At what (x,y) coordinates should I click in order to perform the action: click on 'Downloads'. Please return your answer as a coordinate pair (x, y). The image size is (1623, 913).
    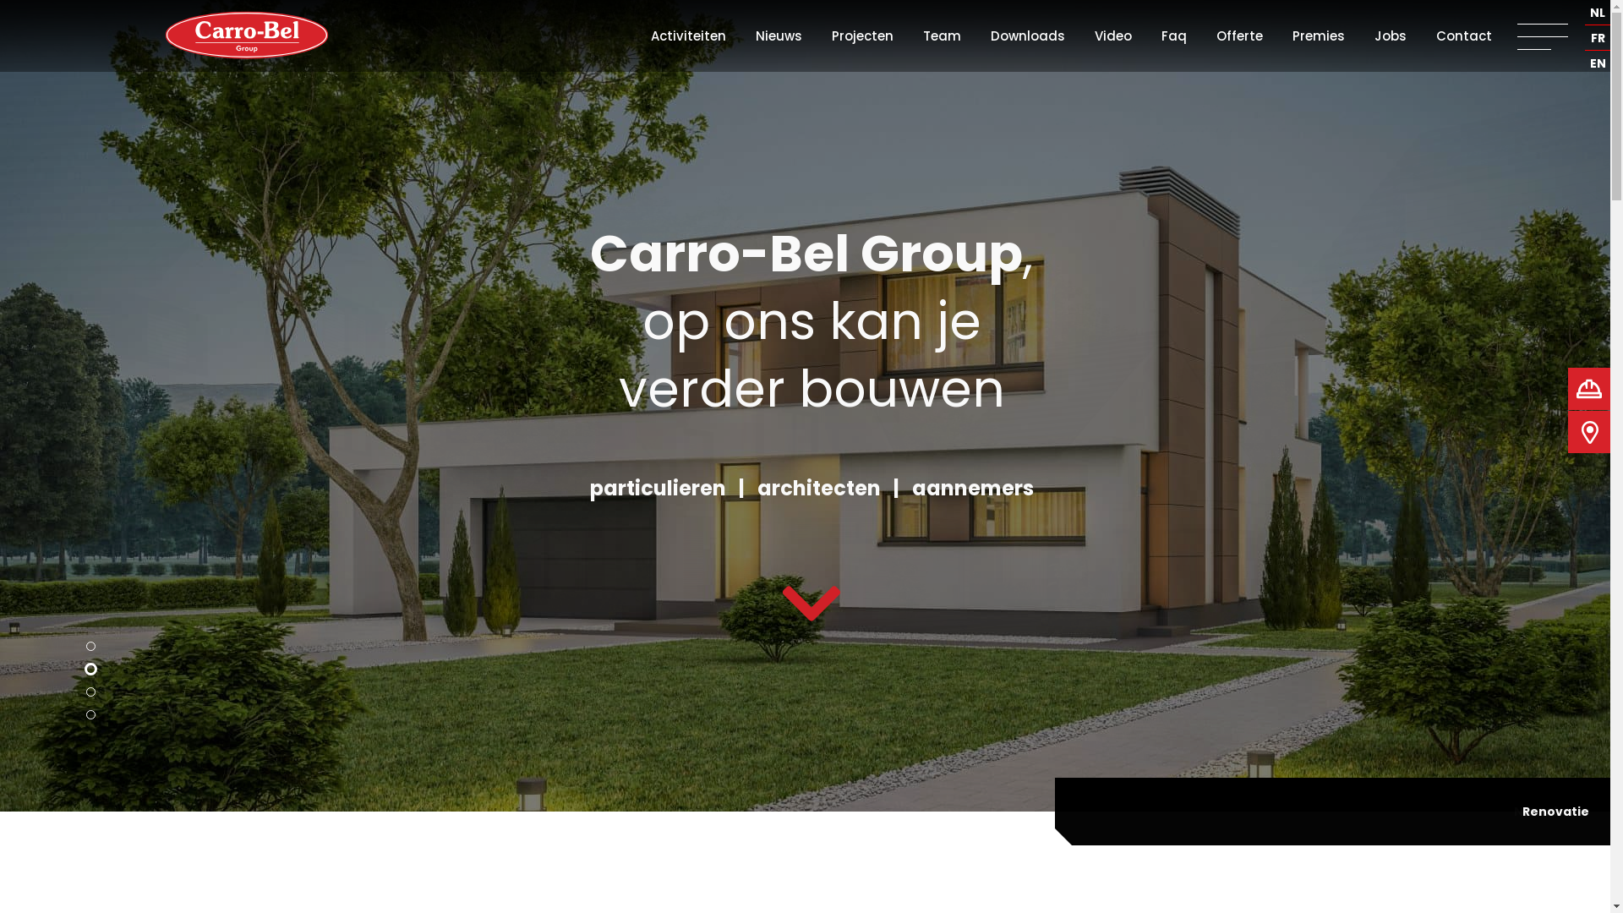
    Looking at the image, I should click on (1026, 36).